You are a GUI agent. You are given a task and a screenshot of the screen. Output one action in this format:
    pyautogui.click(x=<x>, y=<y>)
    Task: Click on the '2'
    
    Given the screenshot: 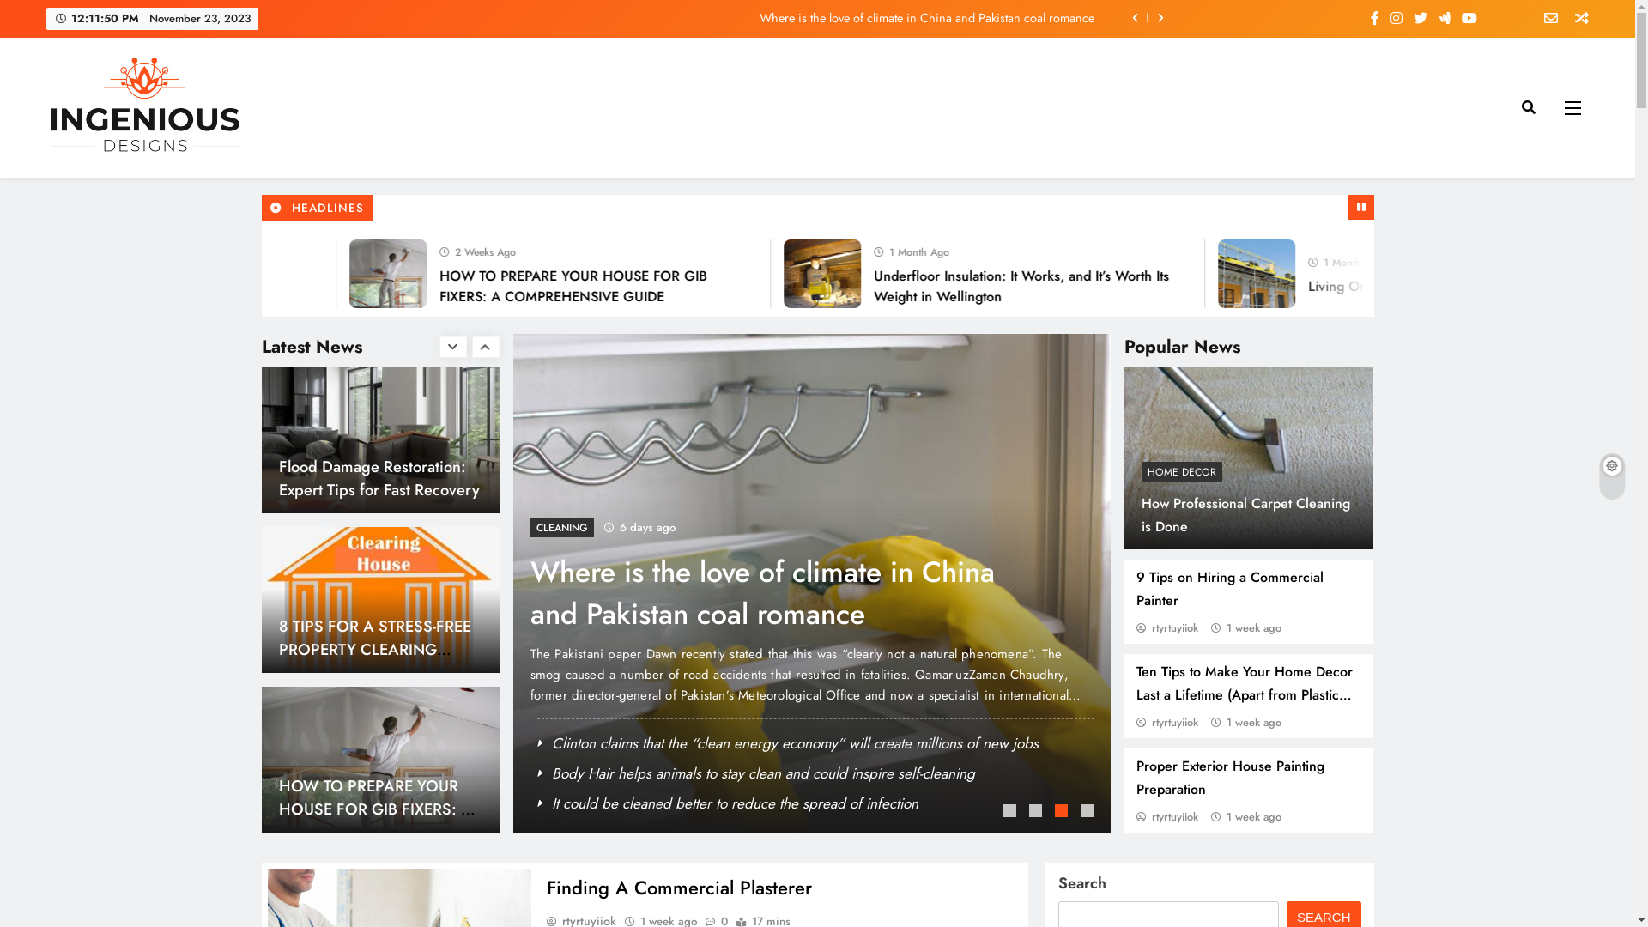 What is the action you would take?
    pyautogui.click(x=1037, y=812)
    